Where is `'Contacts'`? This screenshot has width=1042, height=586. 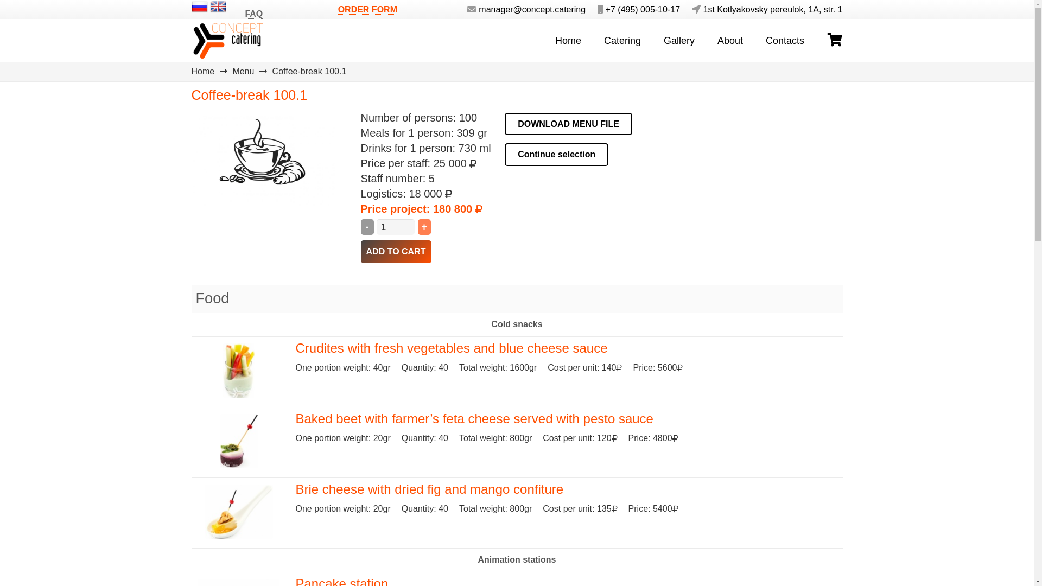 'Contacts' is located at coordinates (754, 40).